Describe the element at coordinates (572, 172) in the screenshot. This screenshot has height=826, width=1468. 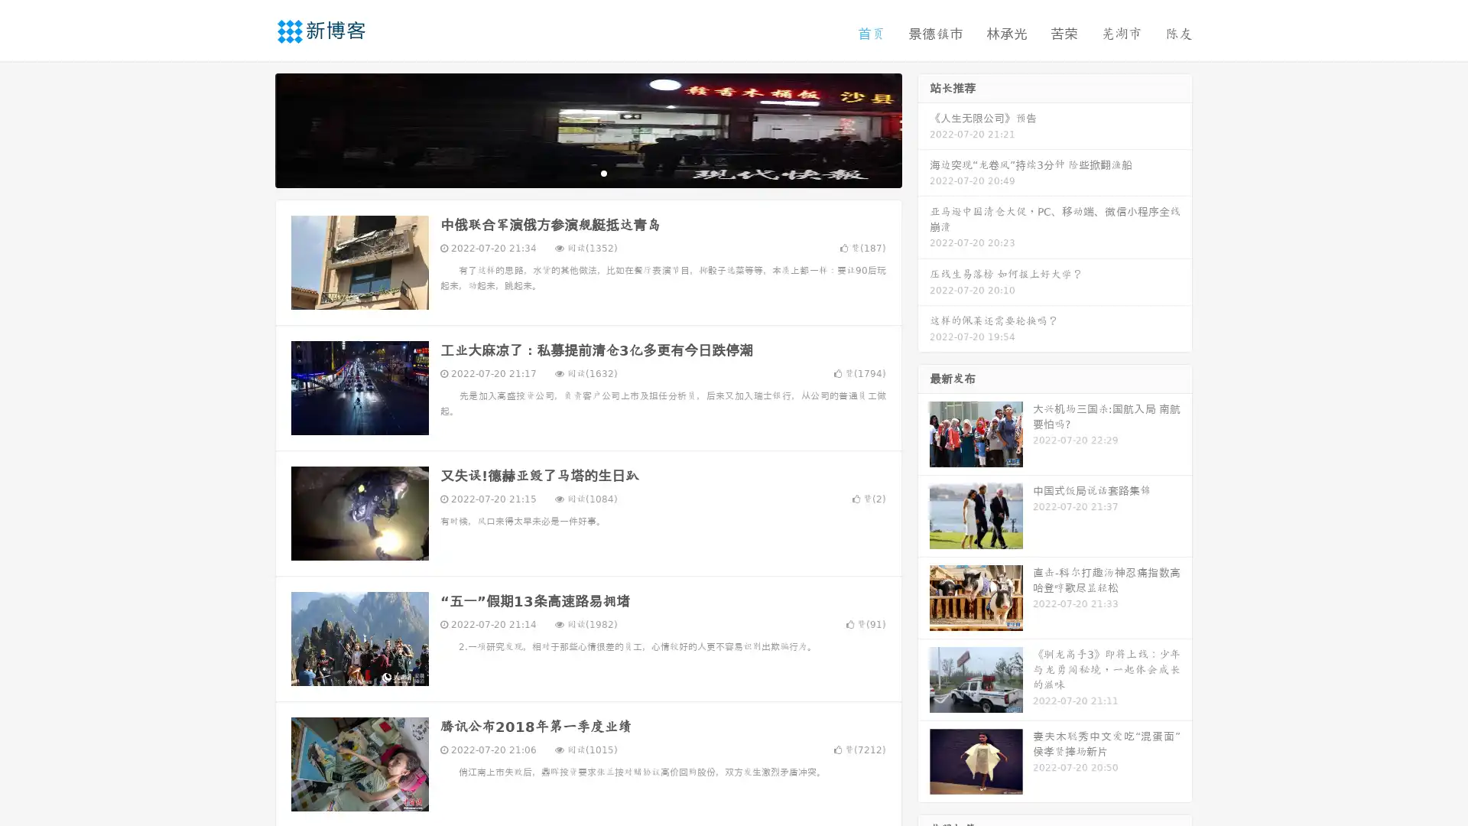
I see `Go to slide 1` at that location.